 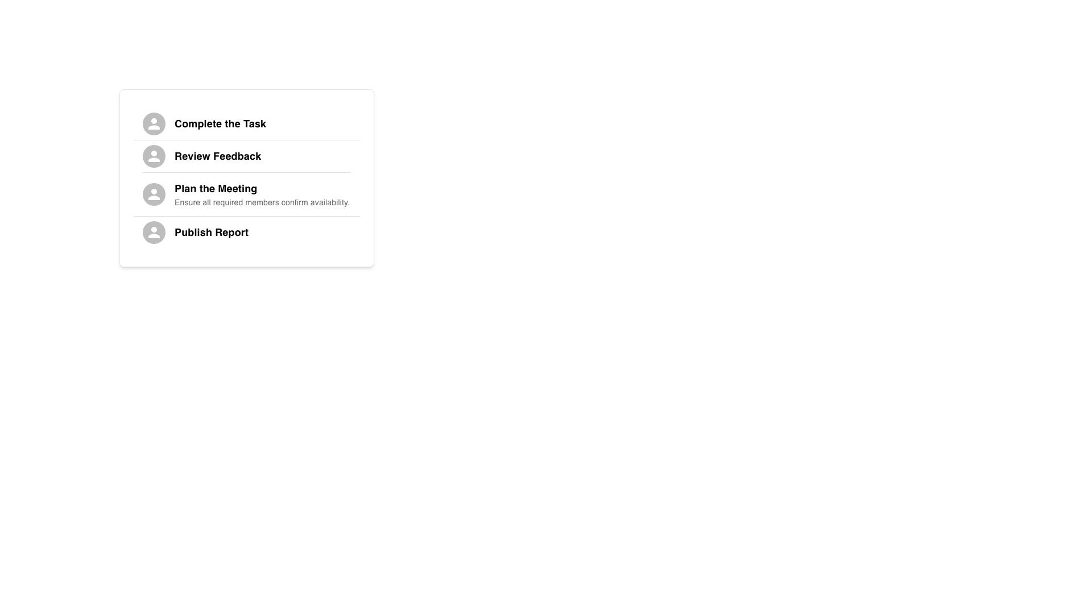 What do you see at coordinates (246, 139) in the screenshot?
I see `the Divider element that visually separates the items in the vertically oriented task list, located between 'Complete the Task' and 'Review Feedback'` at bounding box center [246, 139].